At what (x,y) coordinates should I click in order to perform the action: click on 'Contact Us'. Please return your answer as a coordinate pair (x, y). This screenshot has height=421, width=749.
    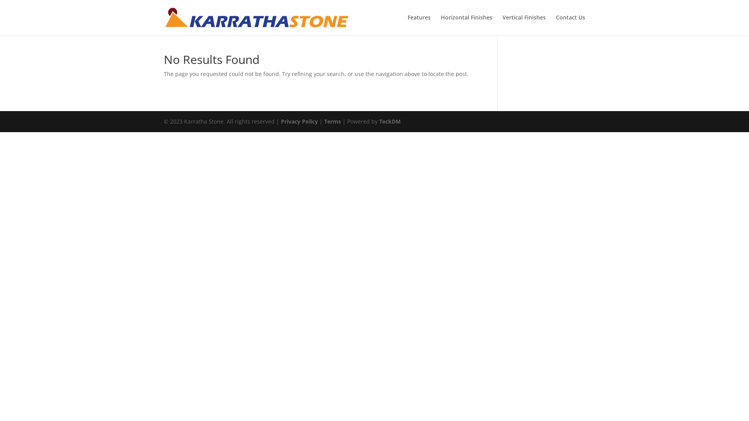
    Looking at the image, I should click on (570, 25).